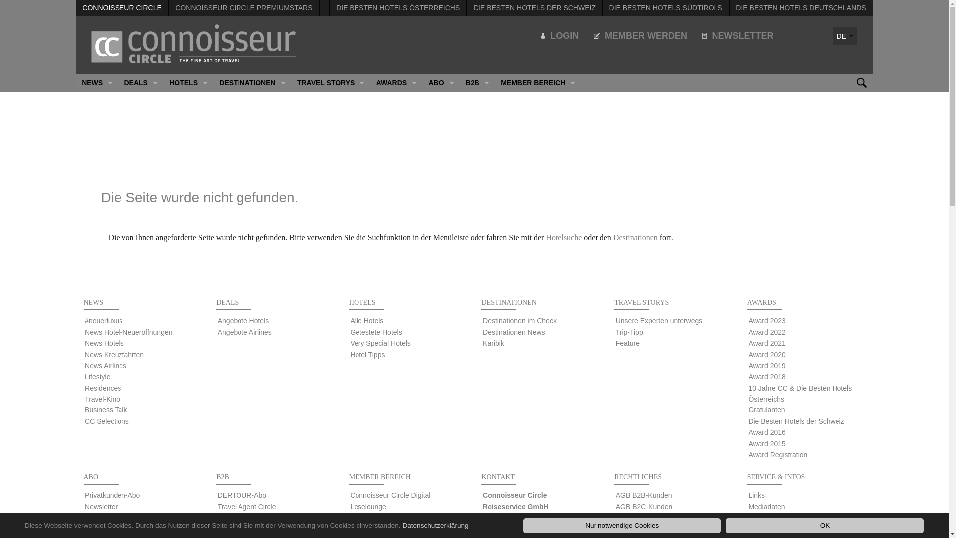 This screenshot has height=538, width=956. What do you see at coordinates (593, 35) in the screenshot?
I see `'MEMBER WERDEN'` at bounding box center [593, 35].